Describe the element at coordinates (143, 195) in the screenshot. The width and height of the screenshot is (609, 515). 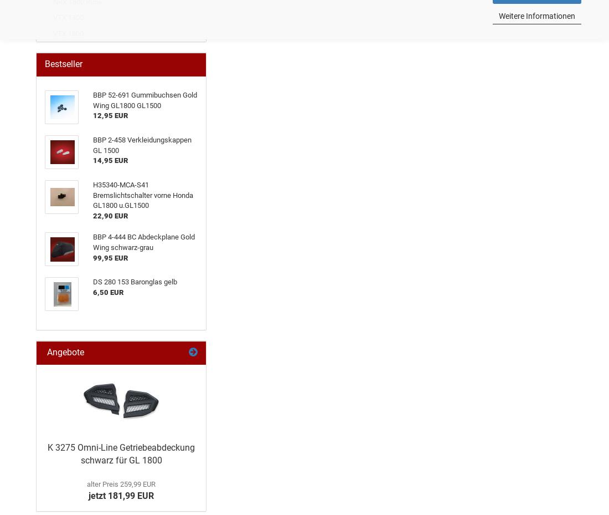
I see `'H35340-MCA-S41 Bremslichtschalter vorne Honda GL1800 u.GL1500'` at that location.